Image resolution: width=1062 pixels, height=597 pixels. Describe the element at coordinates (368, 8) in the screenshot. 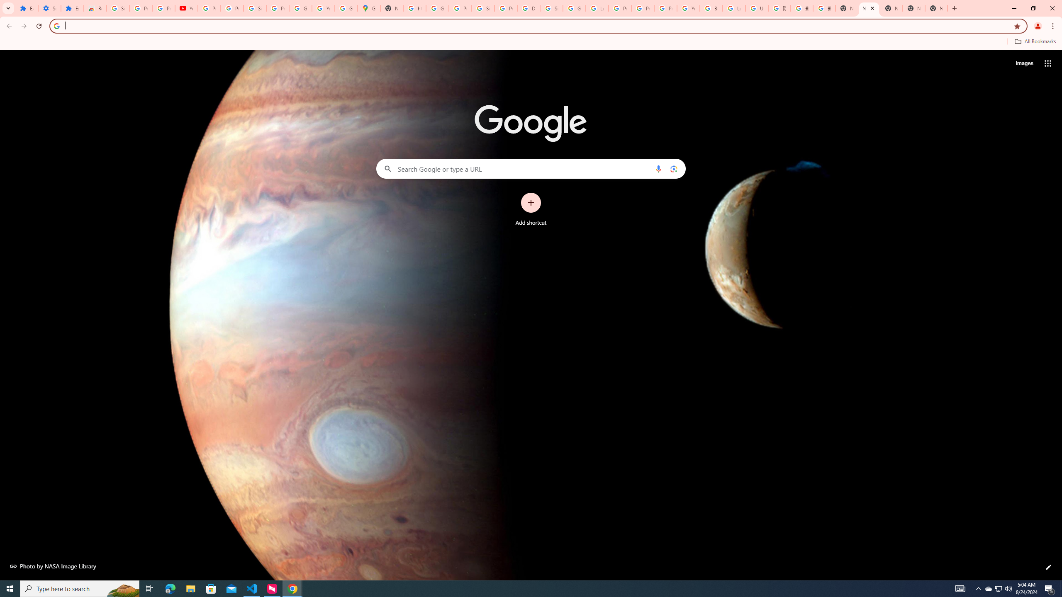

I see `'Google Maps'` at that location.